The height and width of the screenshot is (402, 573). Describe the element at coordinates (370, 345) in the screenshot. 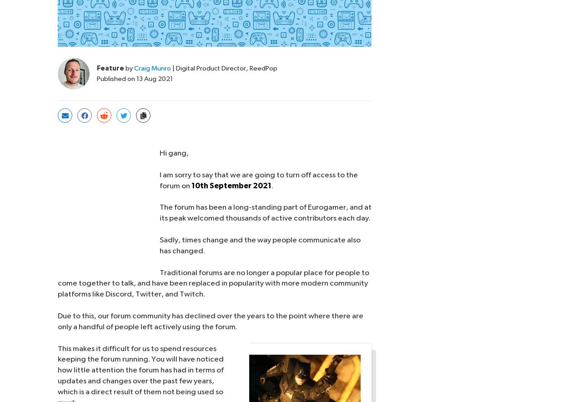

I see `'Eurogamer.nl'` at that location.